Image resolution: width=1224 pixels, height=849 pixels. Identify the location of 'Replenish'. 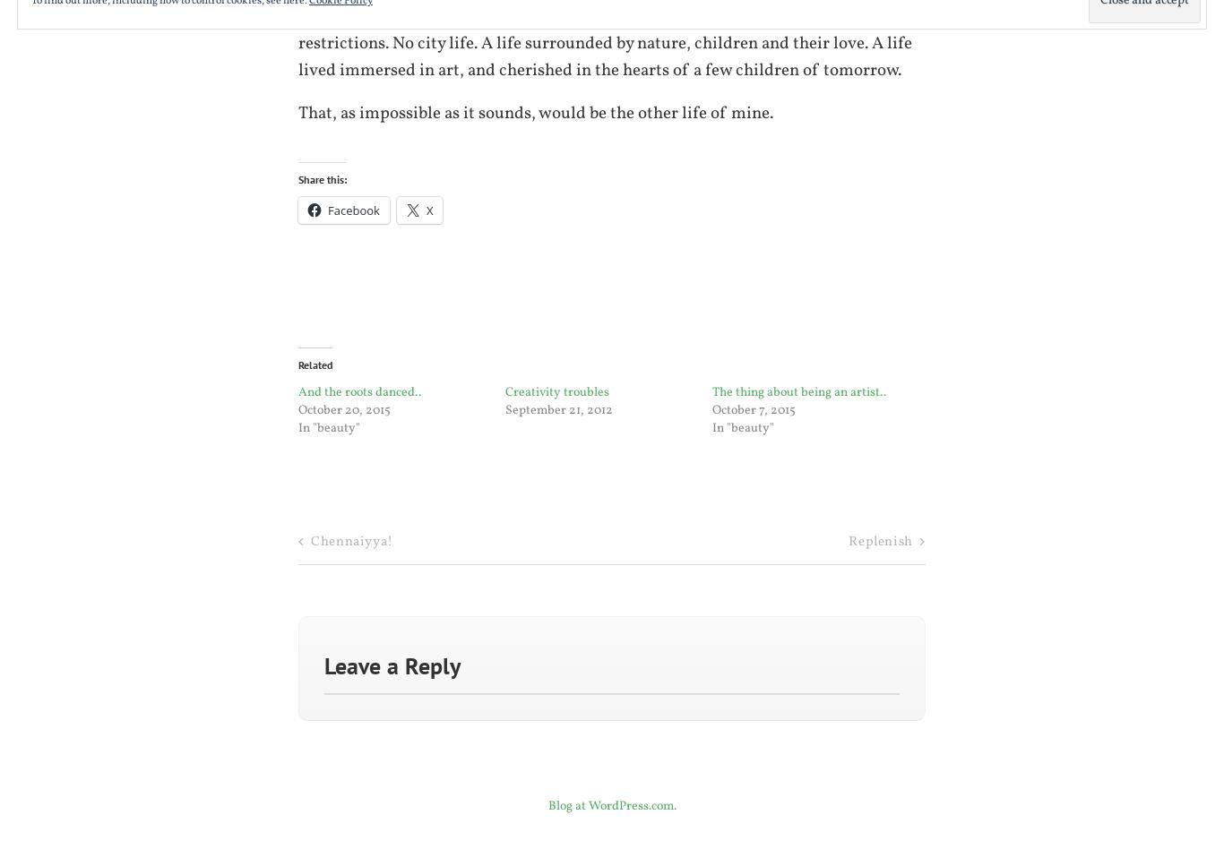
(880, 541).